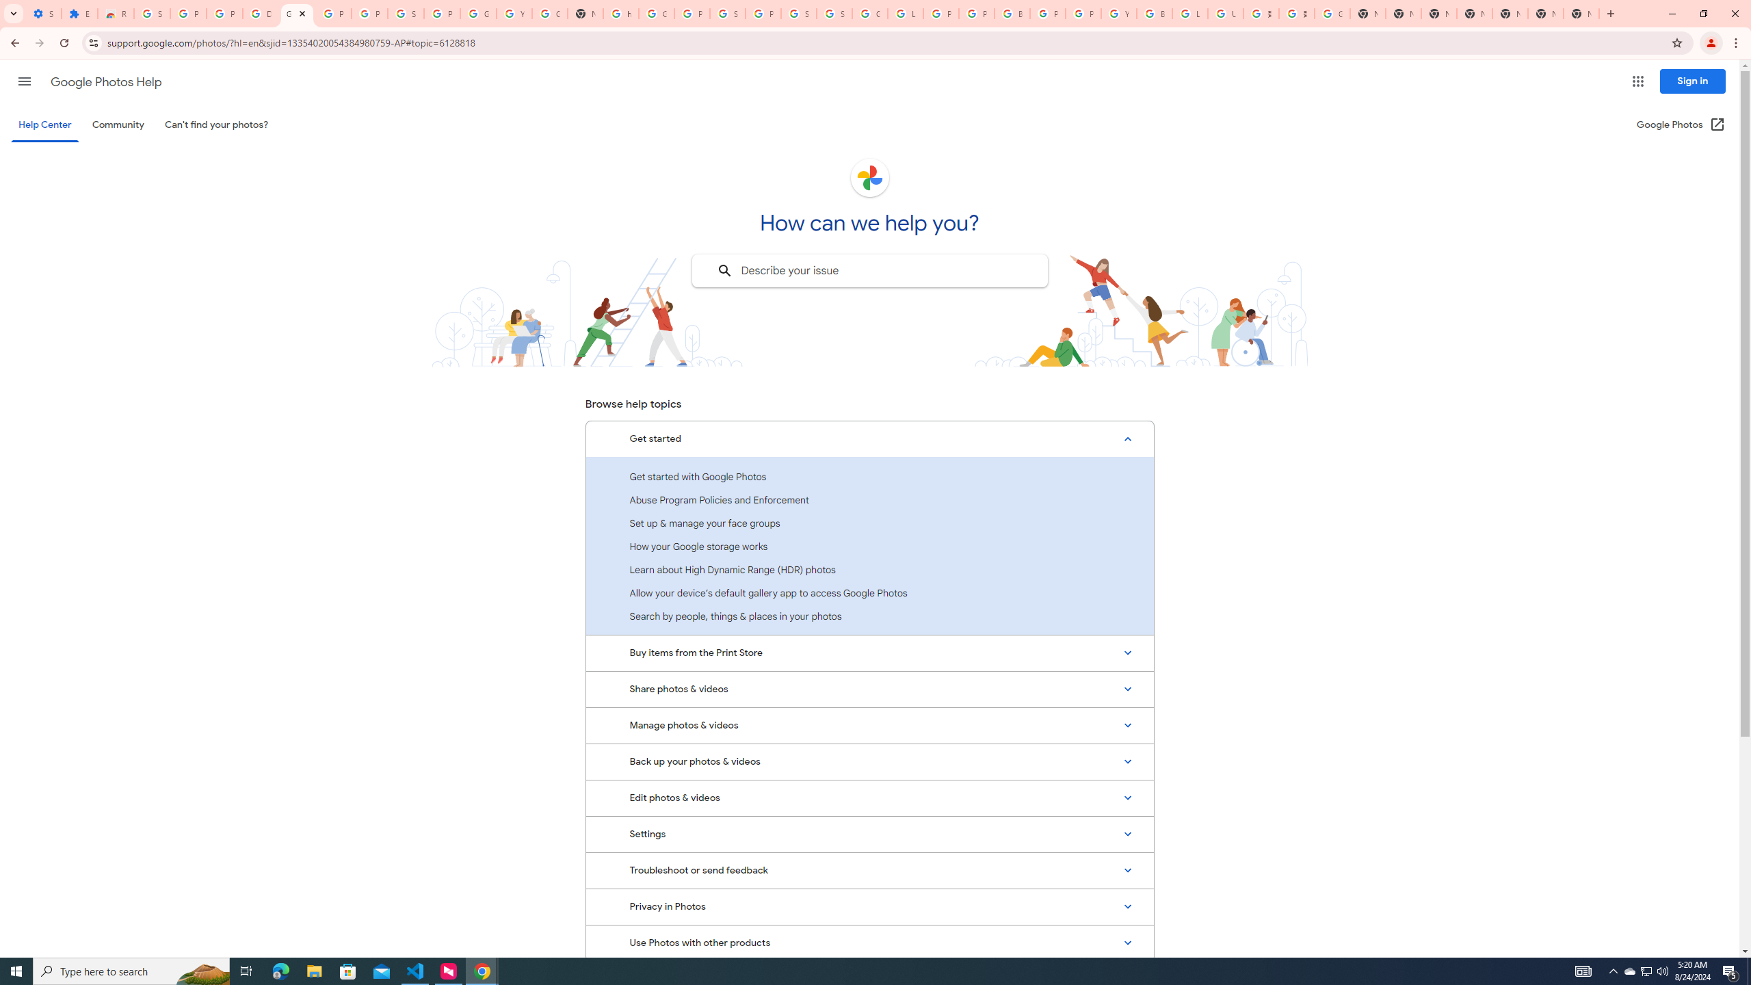 The width and height of the screenshot is (1751, 985). Describe the element at coordinates (620, 13) in the screenshot. I see `'https://scholar.google.com/'` at that location.